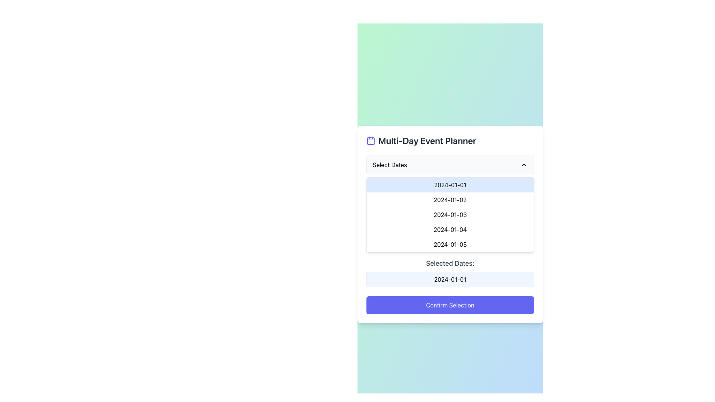 The height and width of the screenshot is (402, 715). I want to click on the list item displaying the date '2024-01-05', so click(450, 244).